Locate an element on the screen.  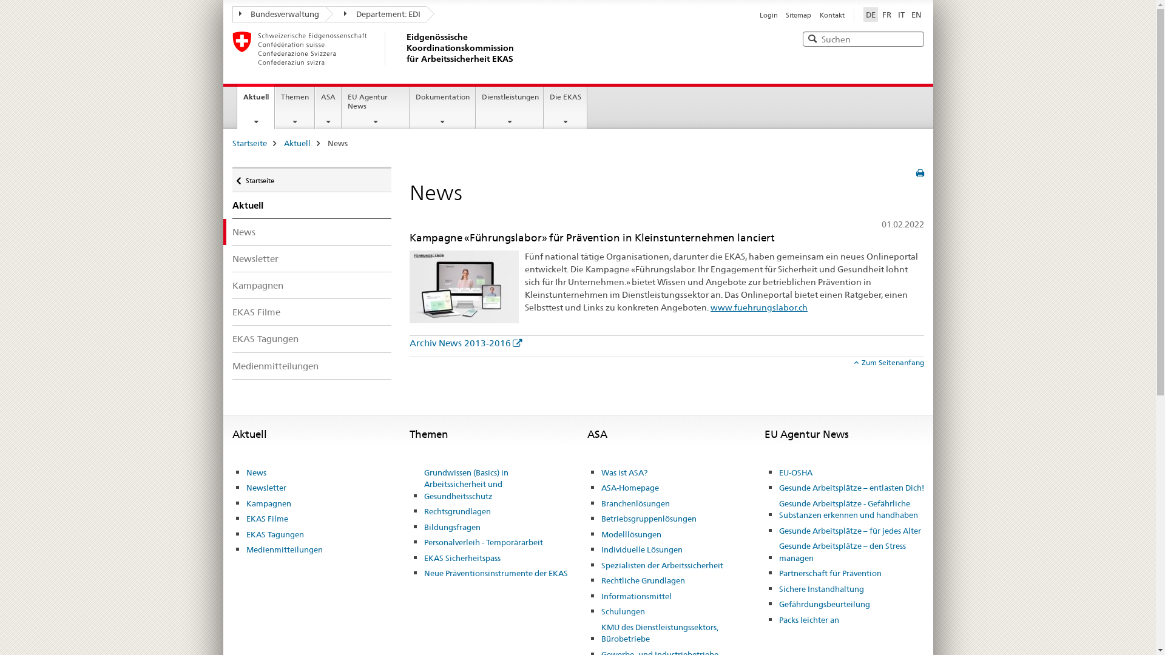
'Themen' is located at coordinates (275, 107).